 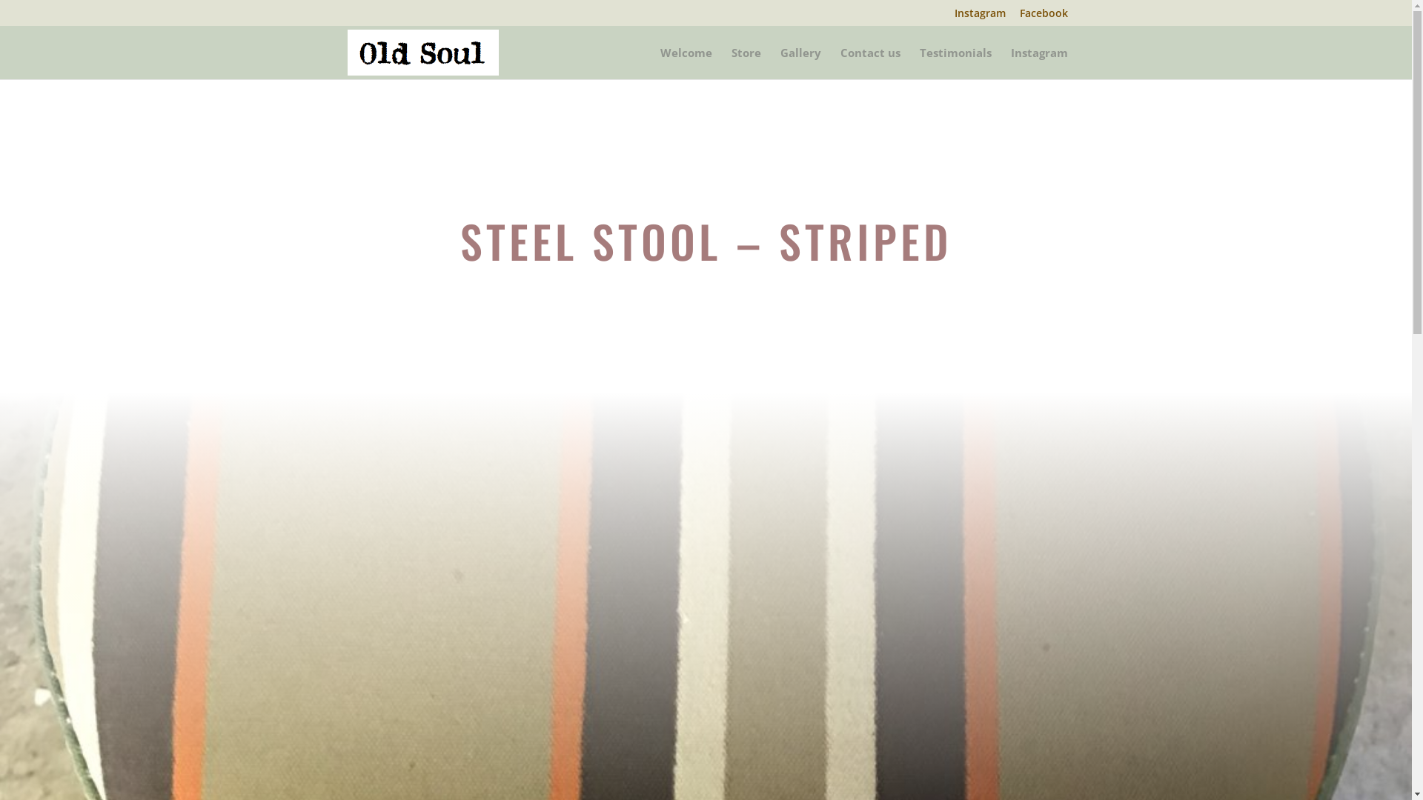 I want to click on 'Instagram', so click(x=980, y=16).